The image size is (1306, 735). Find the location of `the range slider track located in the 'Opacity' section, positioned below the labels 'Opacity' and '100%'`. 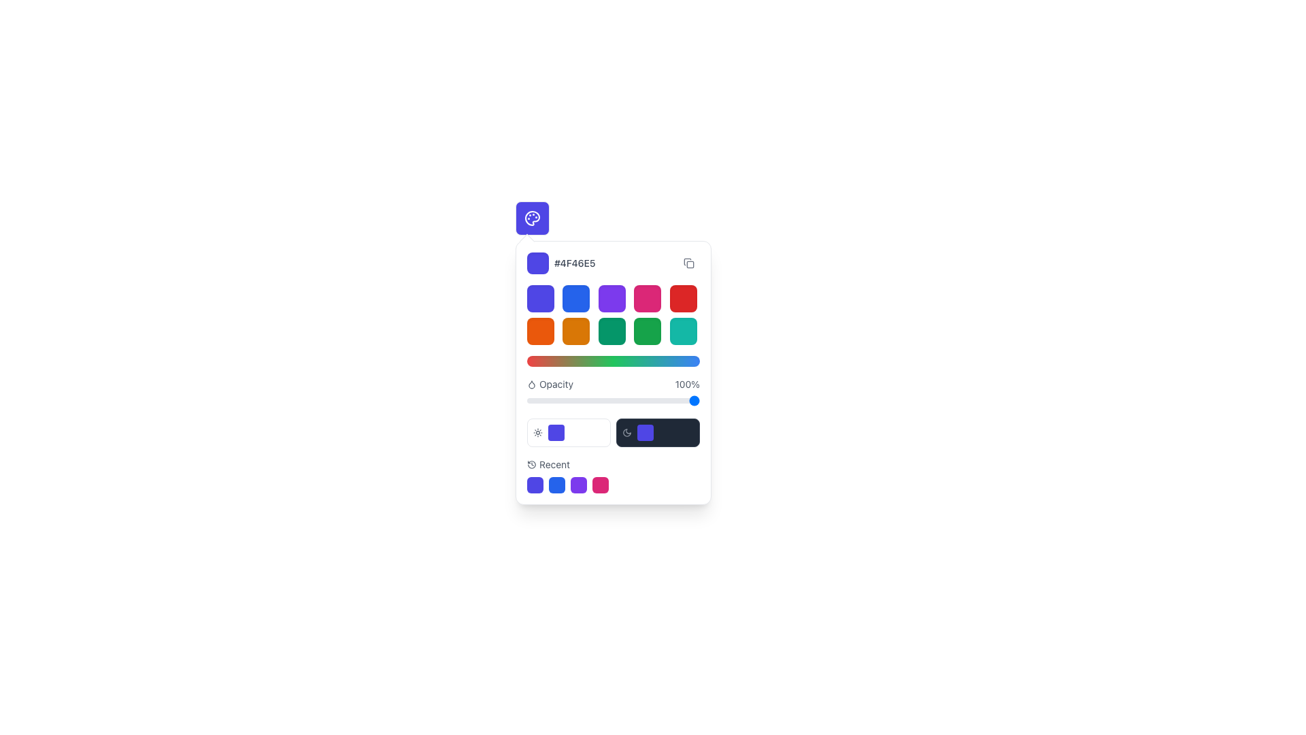

the range slider track located in the 'Opacity' section, positioned below the labels 'Opacity' and '100%' is located at coordinates (613, 400).